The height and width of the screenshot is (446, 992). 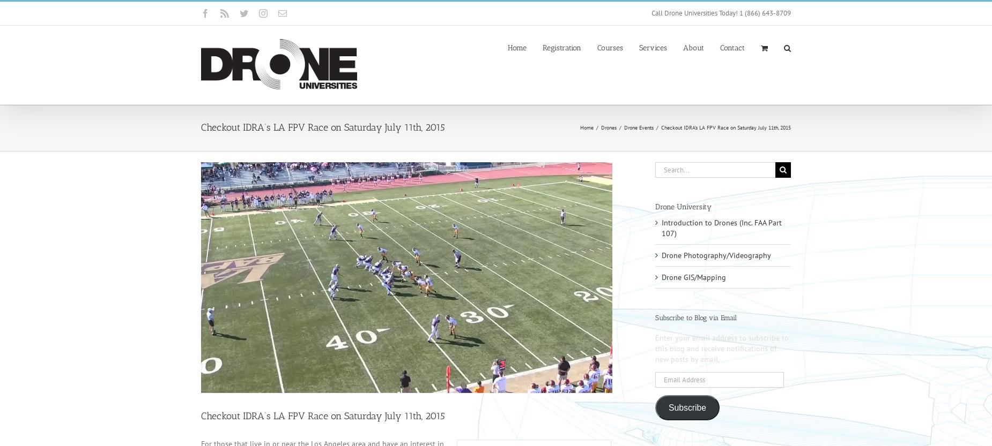 I want to click on 'Registration', so click(x=561, y=48).